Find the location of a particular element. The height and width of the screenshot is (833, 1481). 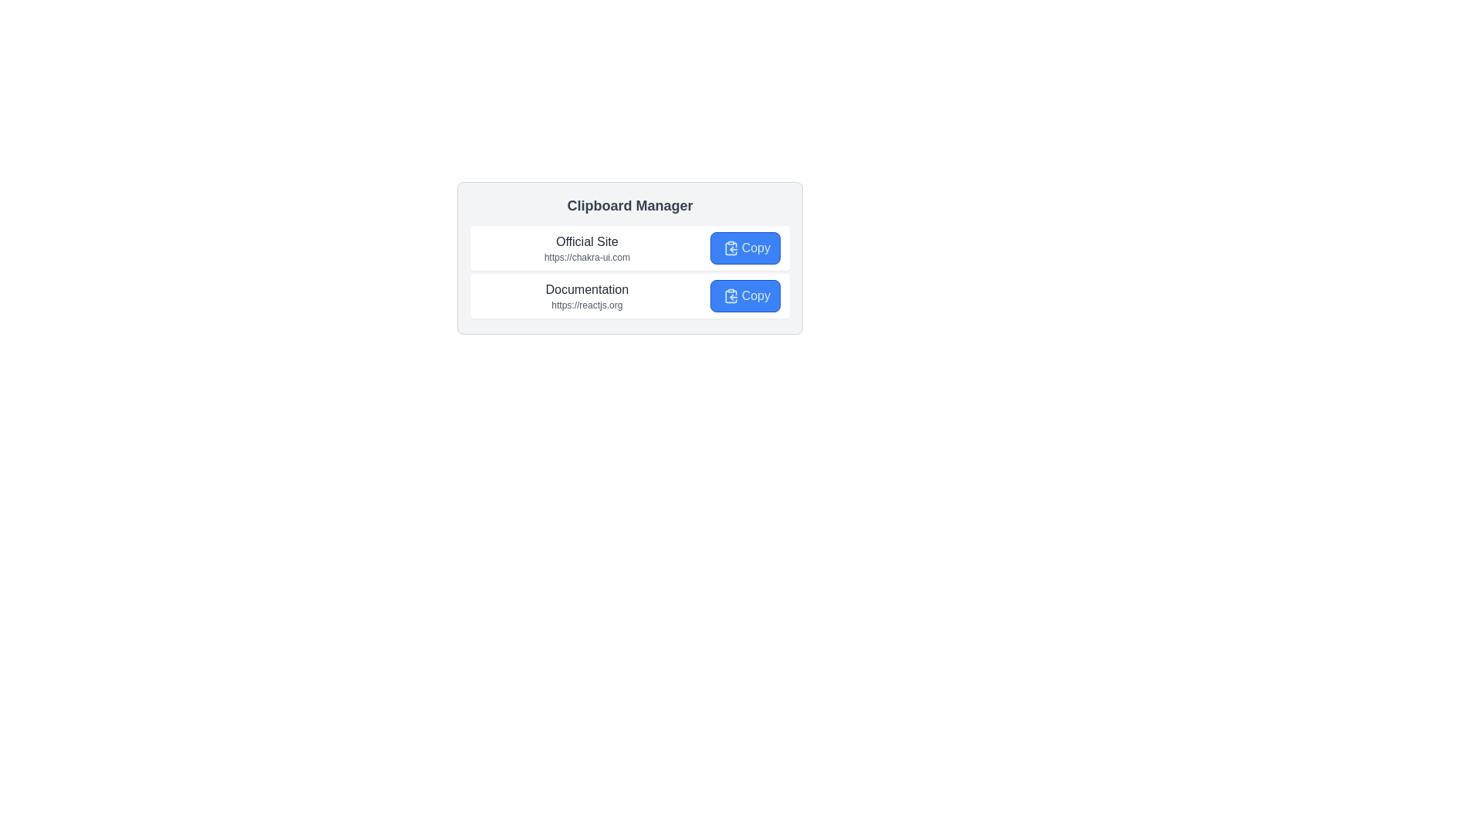

the clipboard icon that is part of the 'Copy' button located to the right of 'Official Site' in the 'Clipboard Manager' interface for informational purposes is located at coordinates (730, 247).